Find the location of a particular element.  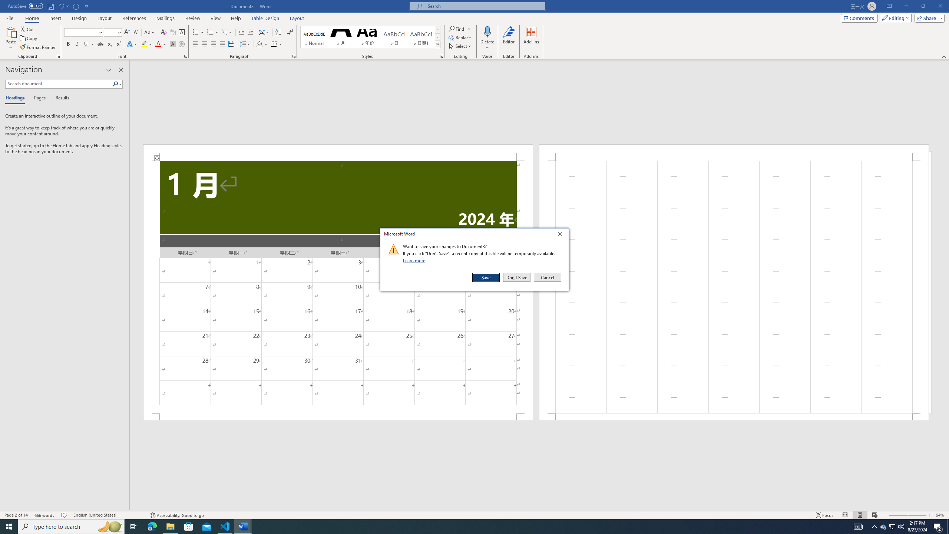

'Insert' is located at coordinates (54, 18).